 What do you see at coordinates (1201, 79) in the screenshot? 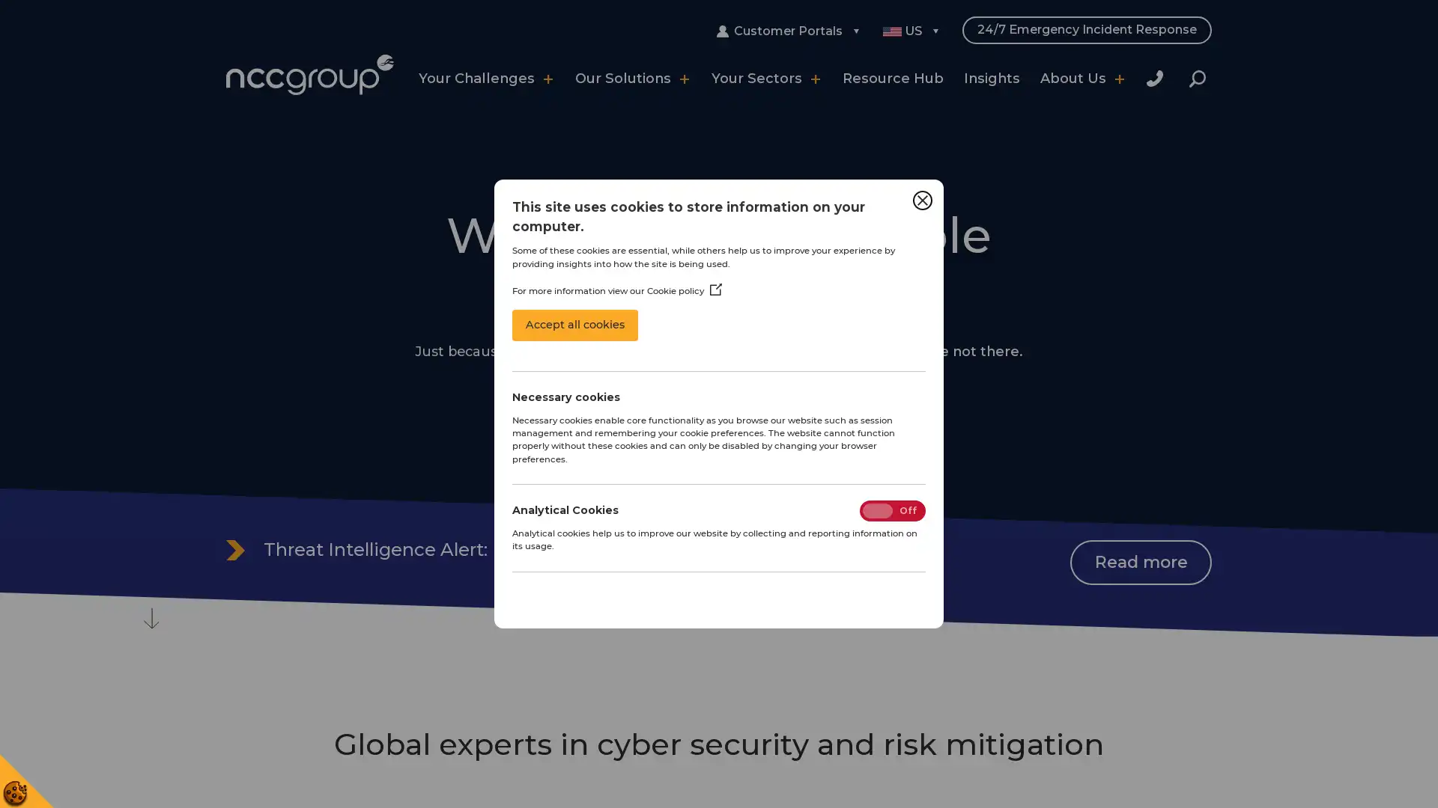
I see `Search` at bounding box center [1201, 79].